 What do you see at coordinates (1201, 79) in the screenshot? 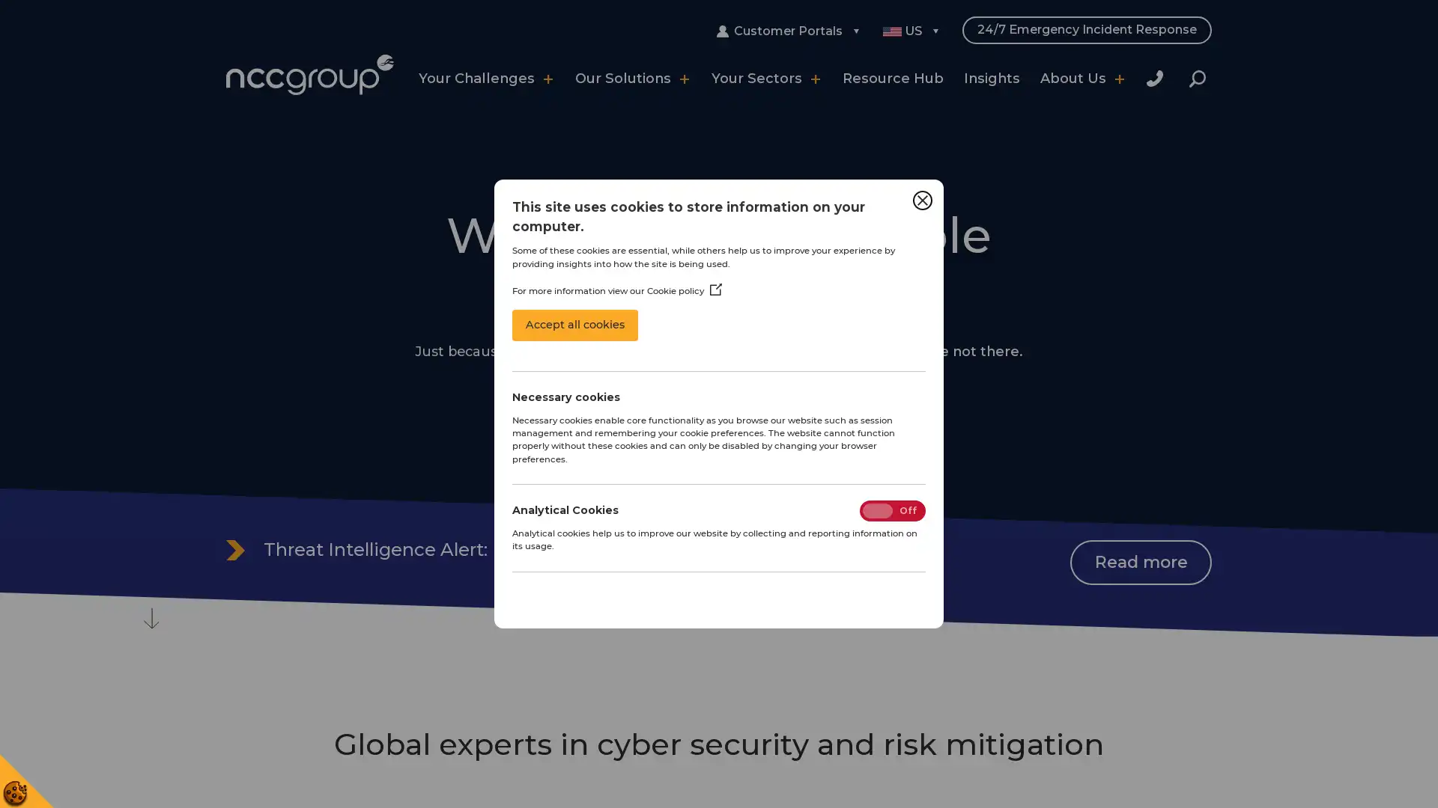
I see `Search` at bounding box center [1201, 79].